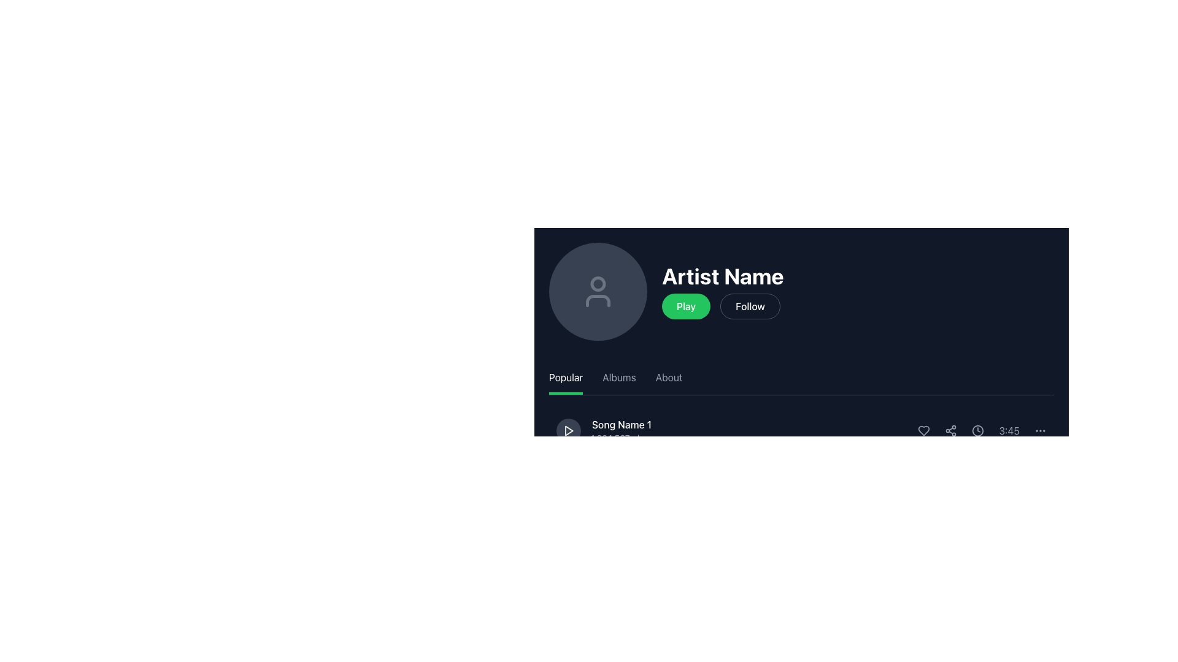 This screenshot has height=662, width=1178. I want to click on the informational text block displaying the song title and play count, located in the first song row under 'Popular' on the artist's page, so click(604, 430).